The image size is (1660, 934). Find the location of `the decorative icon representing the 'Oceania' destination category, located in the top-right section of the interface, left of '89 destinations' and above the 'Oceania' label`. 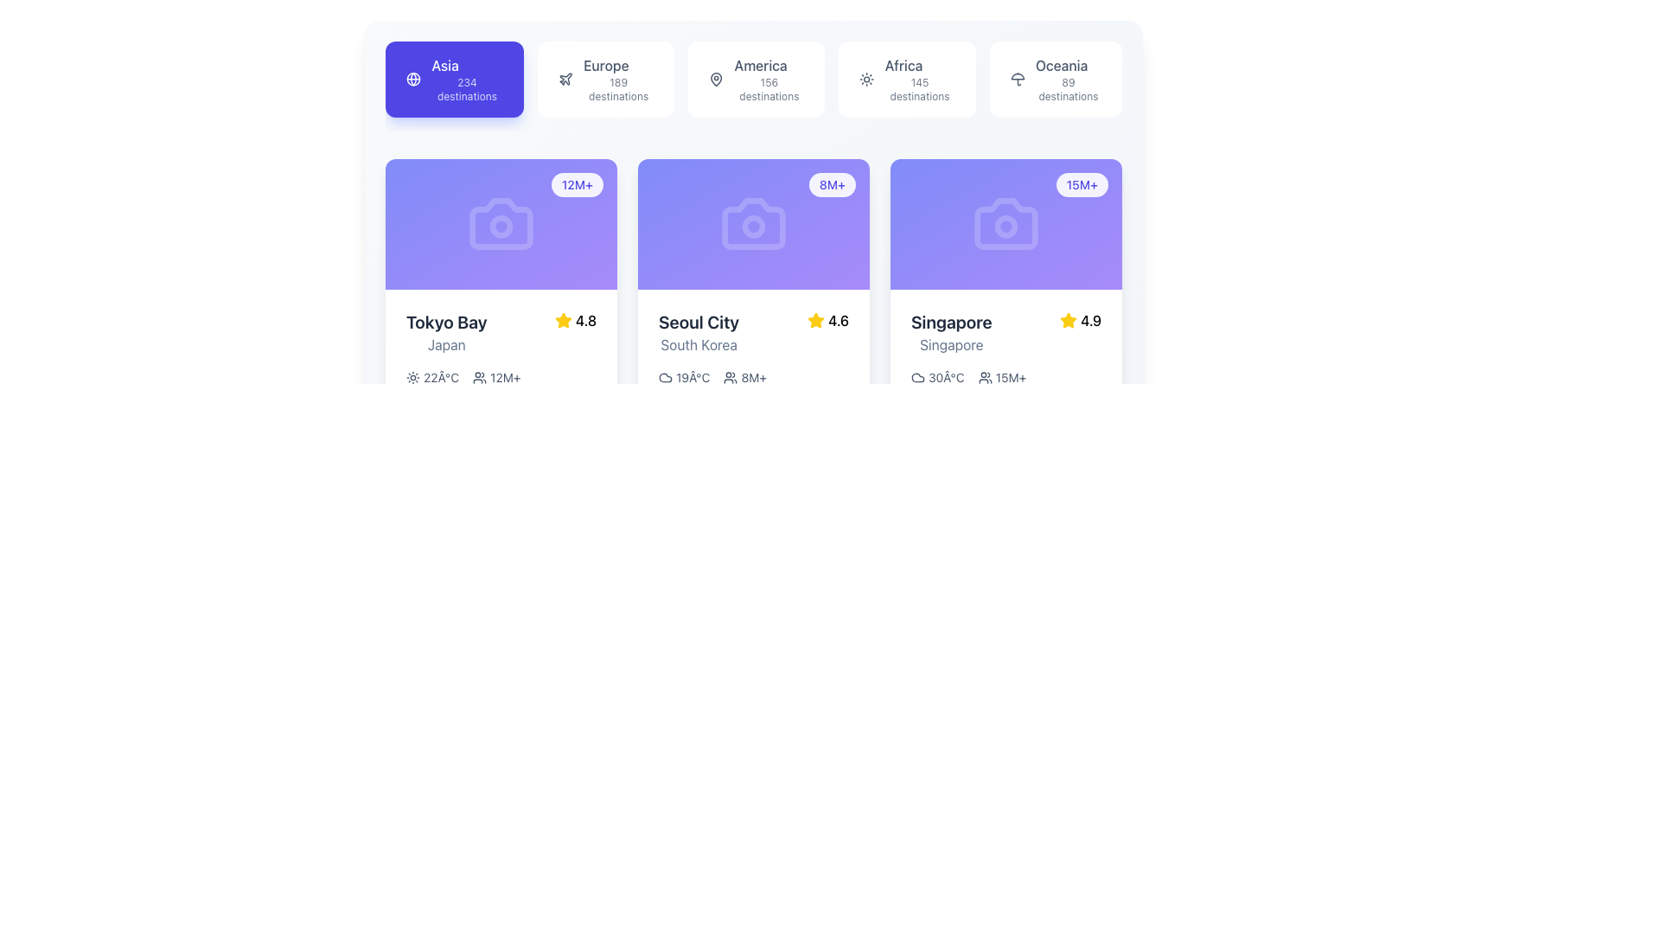

the decorative icon representing the 'Oceania' destination category, located in the top-right section of the interface, left of '89 destinations' and above the 'Oceania' label is located at coordinates (1018, 80).